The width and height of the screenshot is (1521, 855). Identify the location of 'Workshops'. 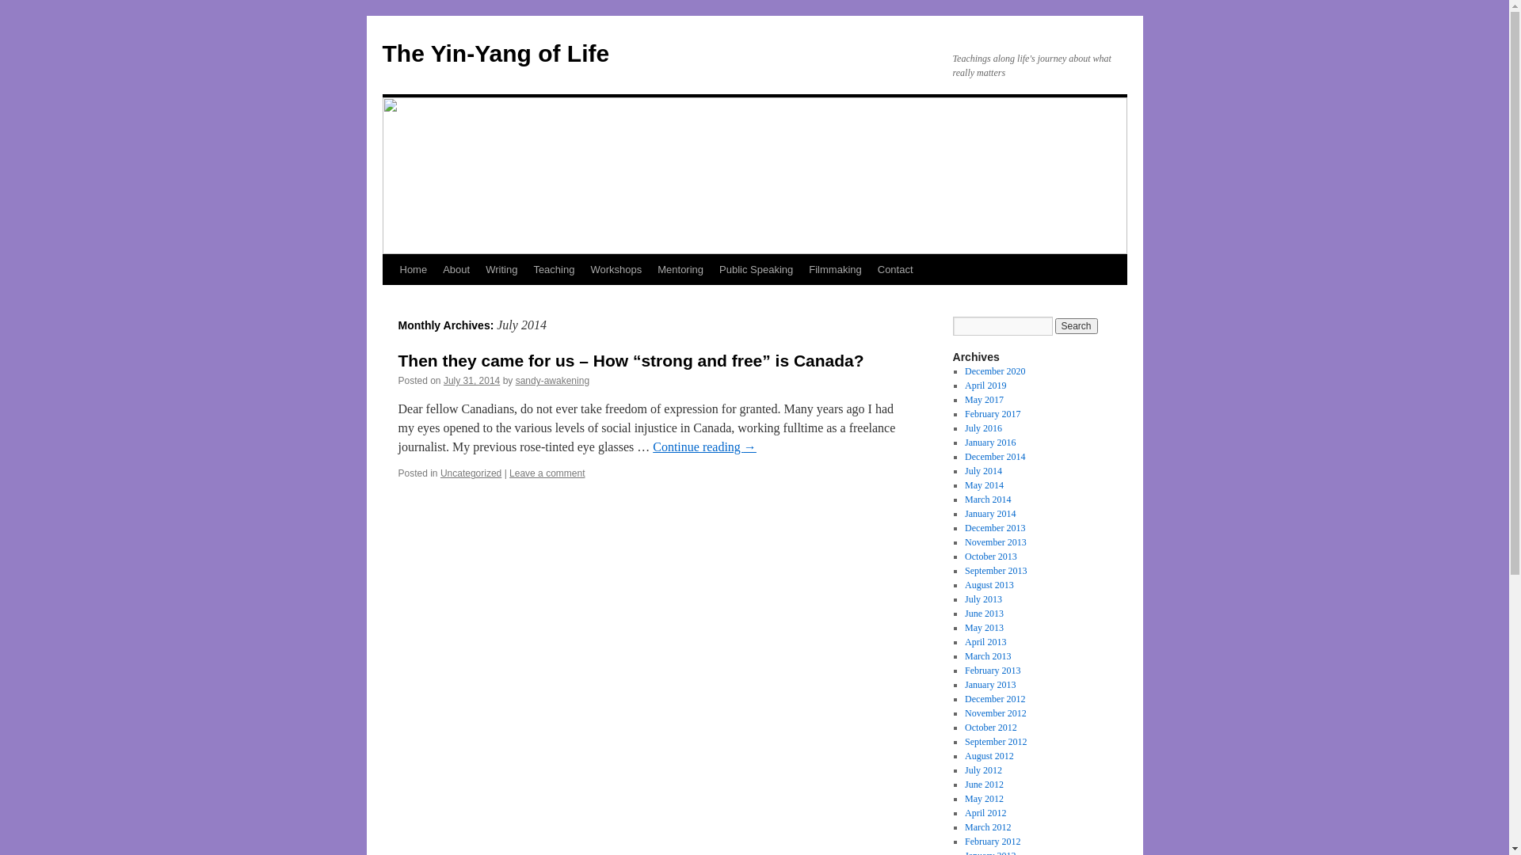
(615, 268).